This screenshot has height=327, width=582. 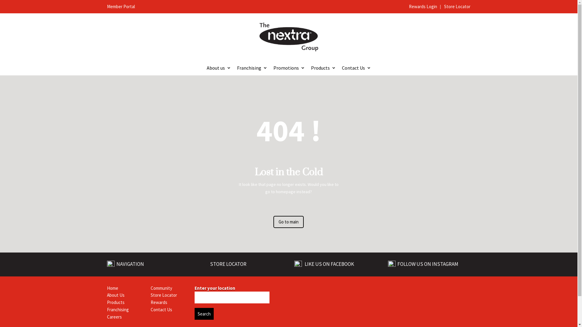 I want to click on 'Franchising', so click(x=118, y=309).